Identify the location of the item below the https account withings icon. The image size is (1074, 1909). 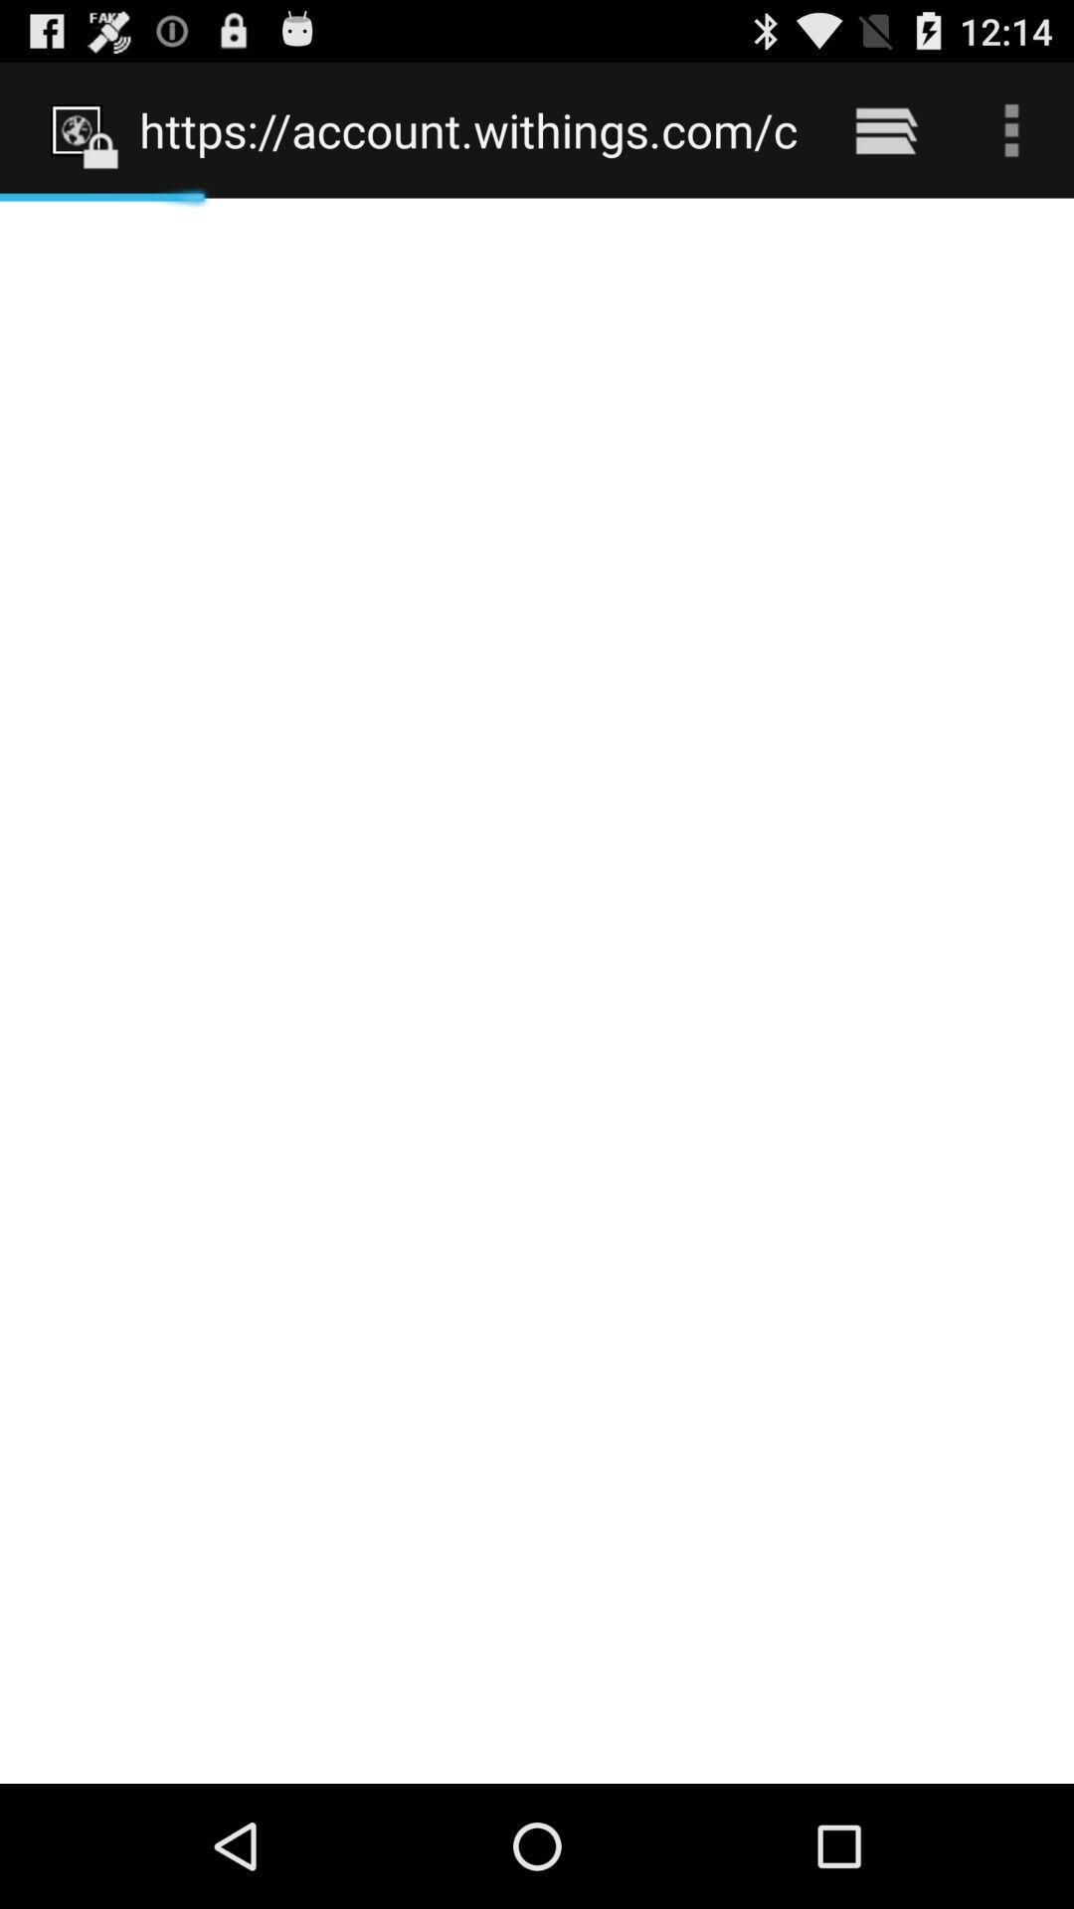
(537, 990).